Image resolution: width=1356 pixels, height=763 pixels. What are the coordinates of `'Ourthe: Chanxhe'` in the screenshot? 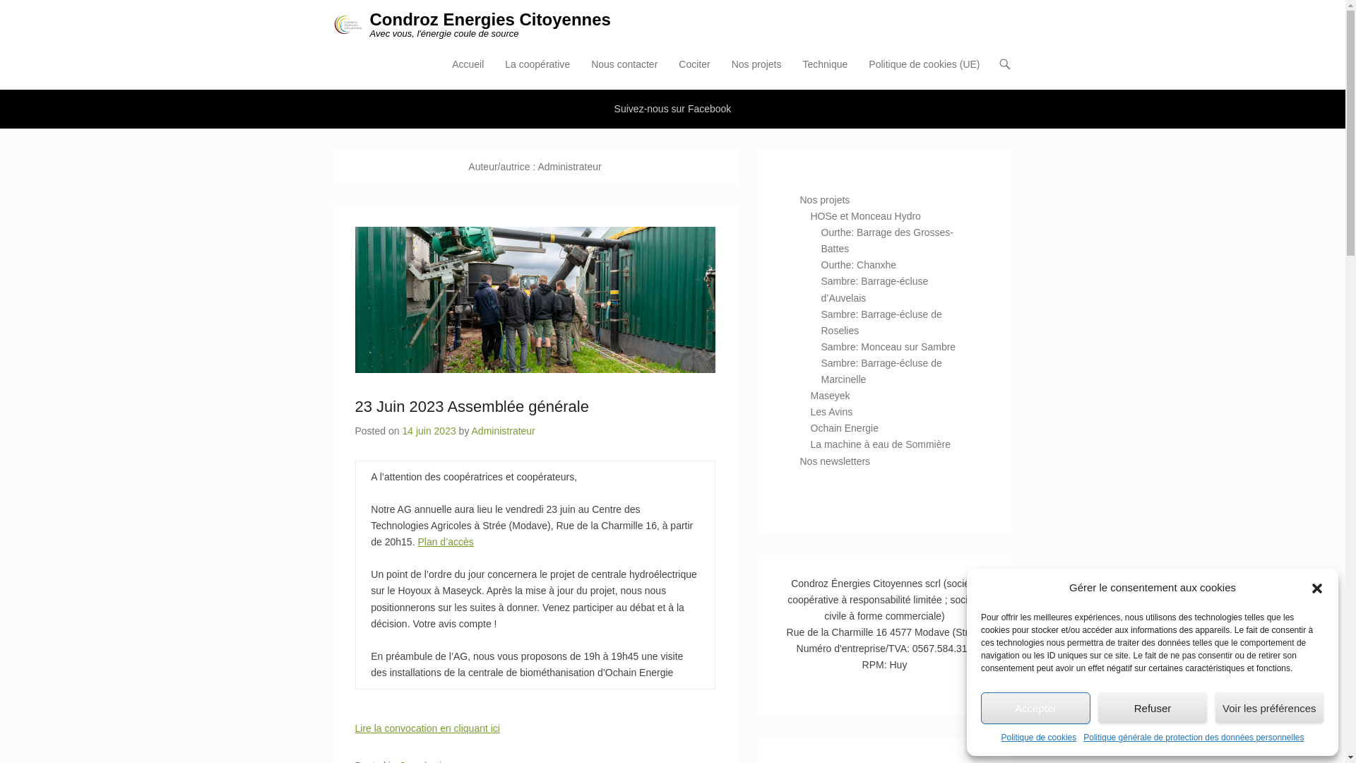 It's located at (857, 264).